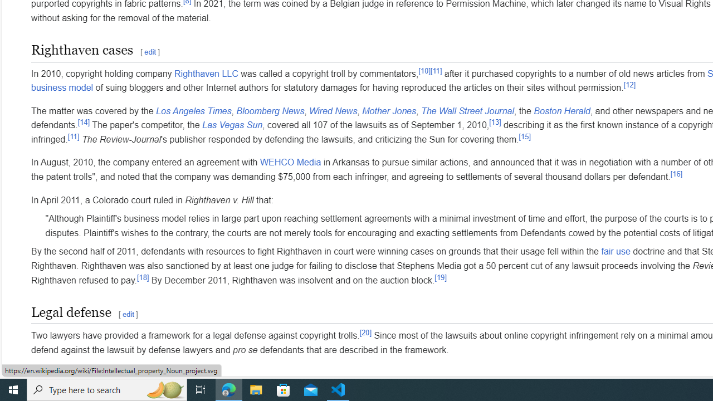 The width and height of the screenshot is (713, 401). I want to click on 'Las Vegas Sun', so click(231, 125).